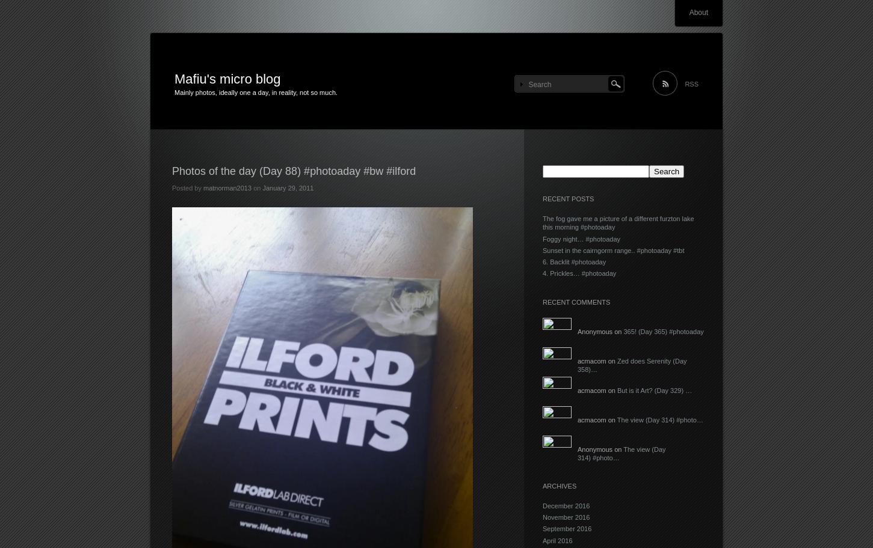 The height and width of the screenshot is (548, 873). Describe the element at coordinates (542, 238) in the screenshot. I see `'Foggy night… #photoaday'` at that location.